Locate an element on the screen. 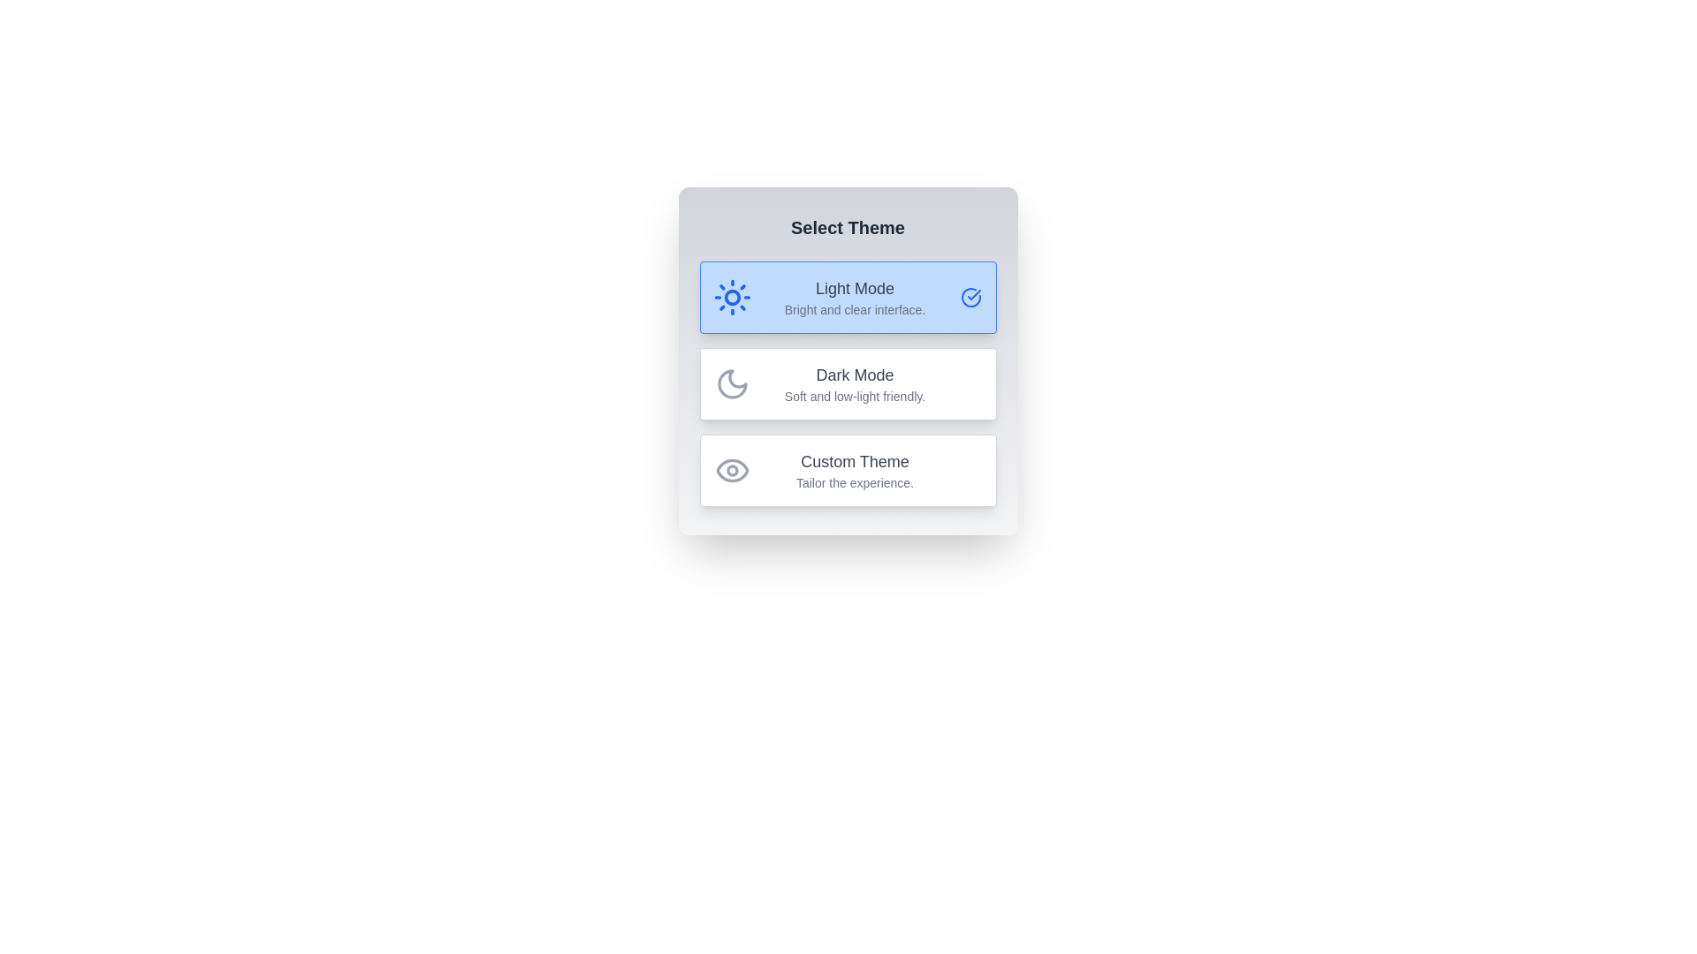 The width and height of the screenshot is (1697, 954). text label that indicates the content or purpose of the surrounding theme selection options, located at the top of the header section is located at coordinates (847, 227).